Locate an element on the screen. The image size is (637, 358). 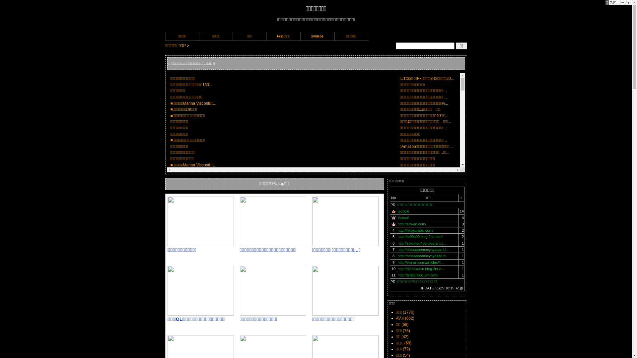
'http://djhakkutsu.blog.2nt.c...' is located at coordinates (397, 268).